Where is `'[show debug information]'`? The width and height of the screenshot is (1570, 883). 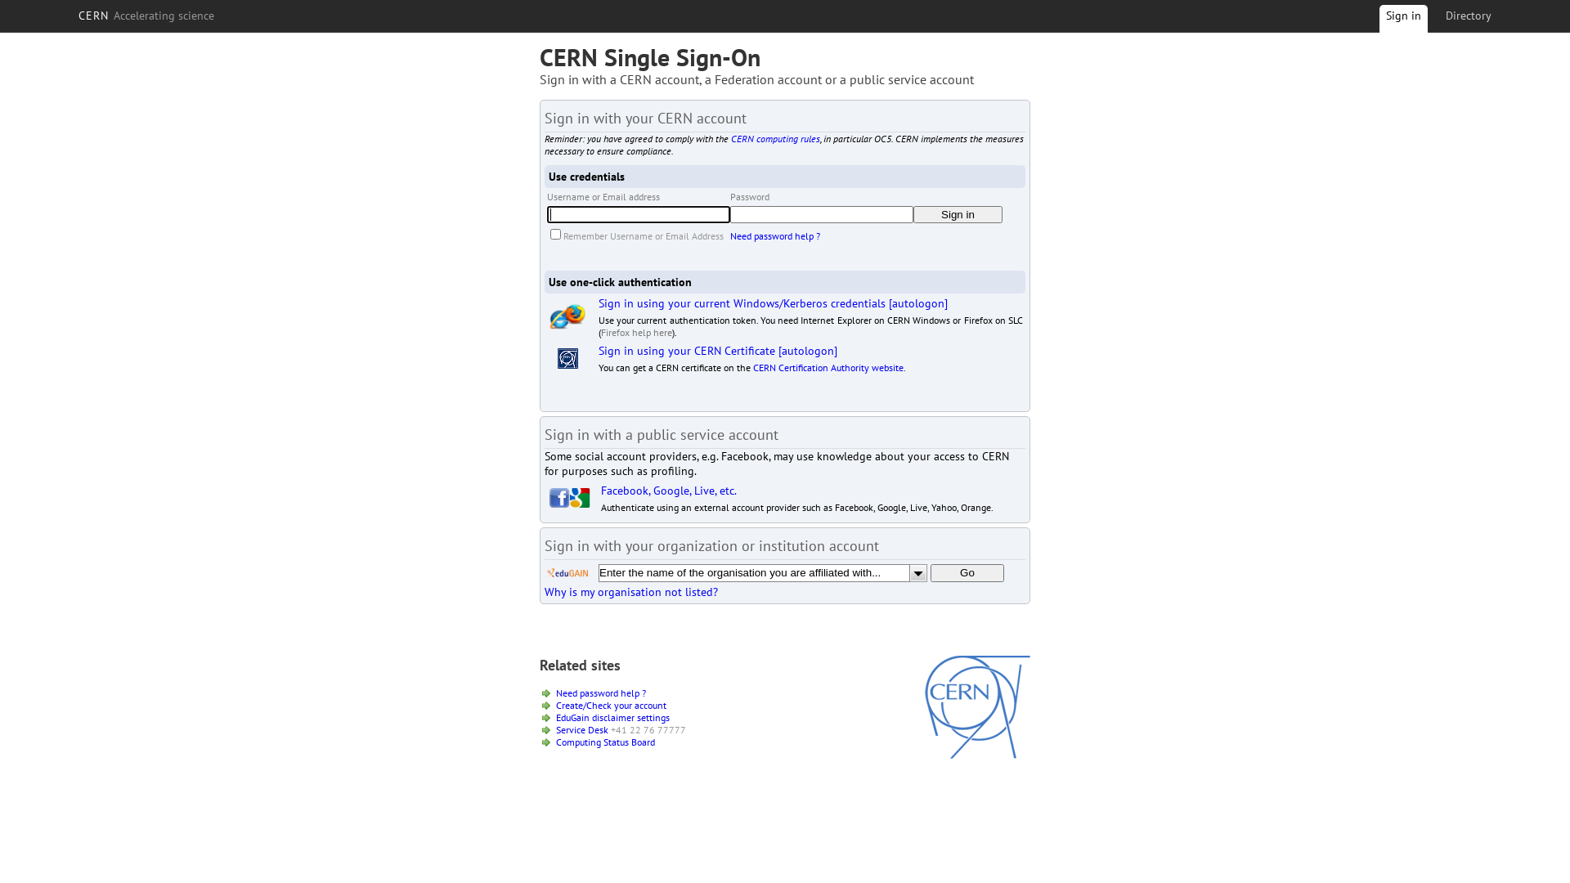
'[show debug information]' is located at coordinates (540, 610).